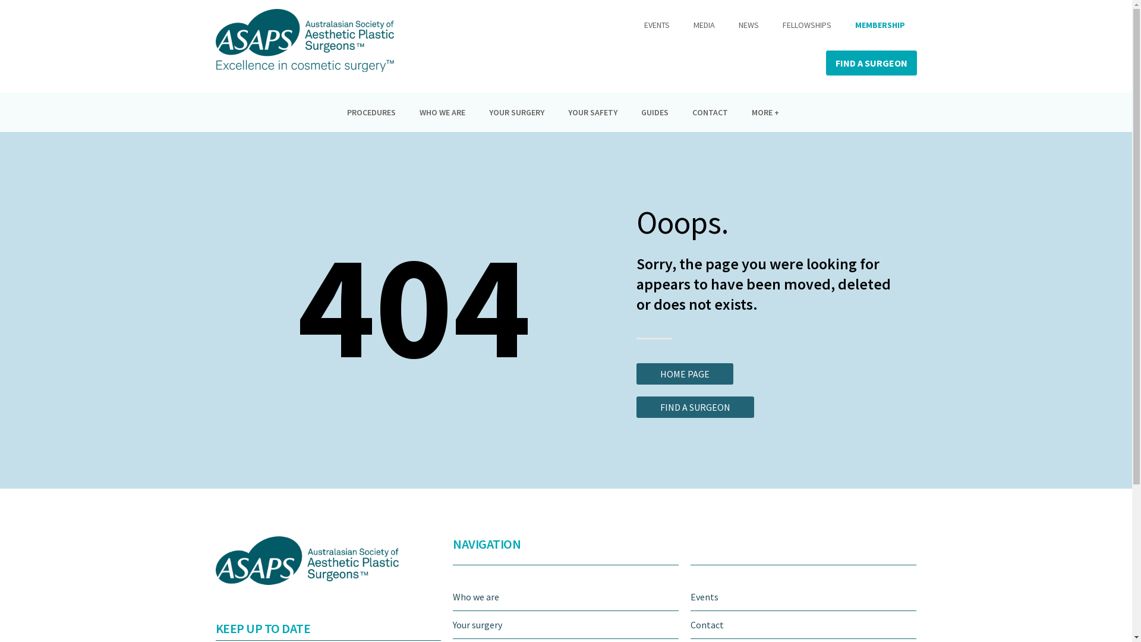  I want to click on 'MEMBERSHIP', so click(879, 25).